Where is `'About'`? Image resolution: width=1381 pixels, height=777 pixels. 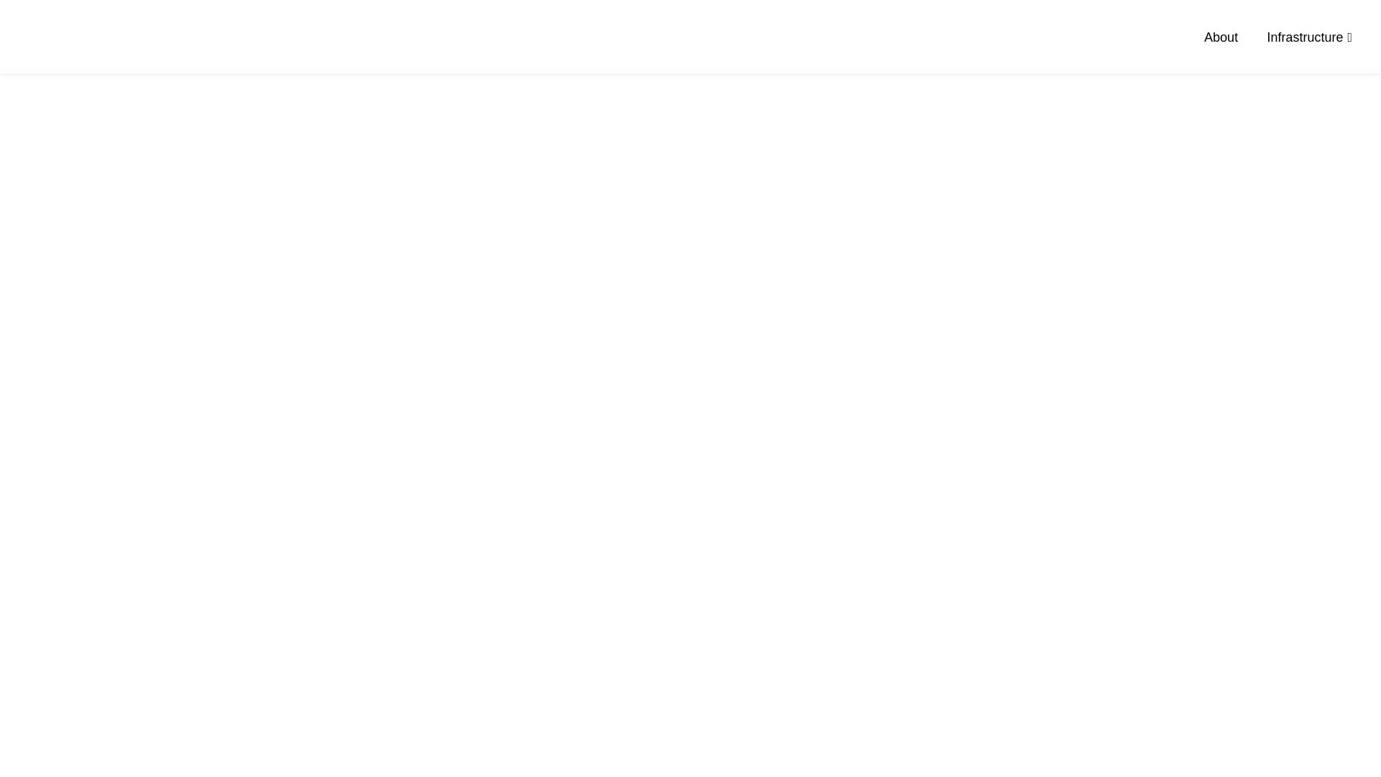
'About' is located at coordinates (1220, 35).